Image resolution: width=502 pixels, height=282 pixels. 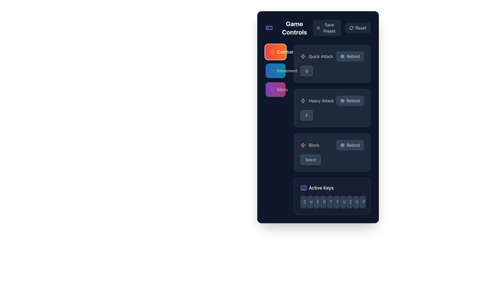 I want to click on the 'Movement' button, which features a blue gradient background with a play icon and bold white text, so click(x=283, y=70).